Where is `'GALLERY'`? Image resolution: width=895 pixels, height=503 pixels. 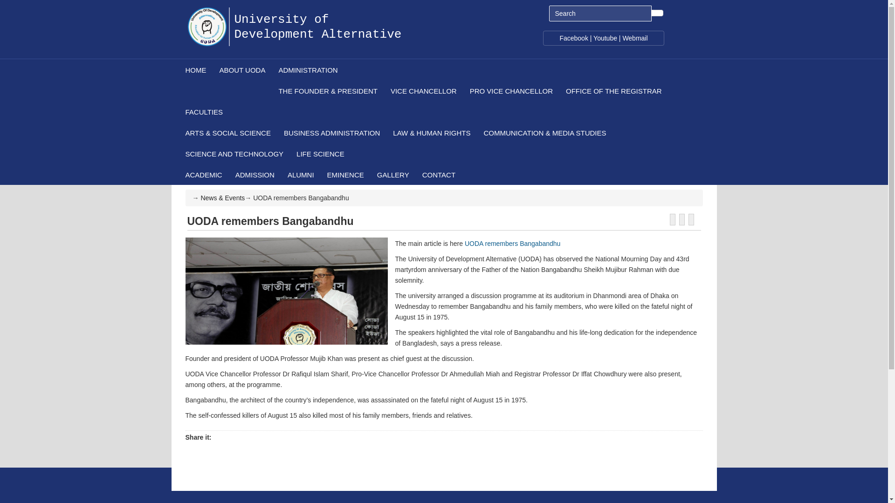
'GALLERY' is located at coordinates (392, 174).